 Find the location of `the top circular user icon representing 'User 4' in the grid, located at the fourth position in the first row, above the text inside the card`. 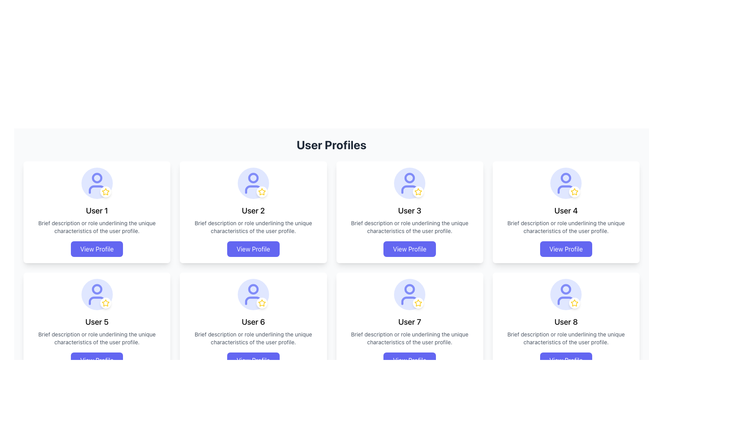

the top circular user icon representing 'User 4' in the grid, located at the fourth position in the first row, above the text inside the card is located at coordinates (566, 183).